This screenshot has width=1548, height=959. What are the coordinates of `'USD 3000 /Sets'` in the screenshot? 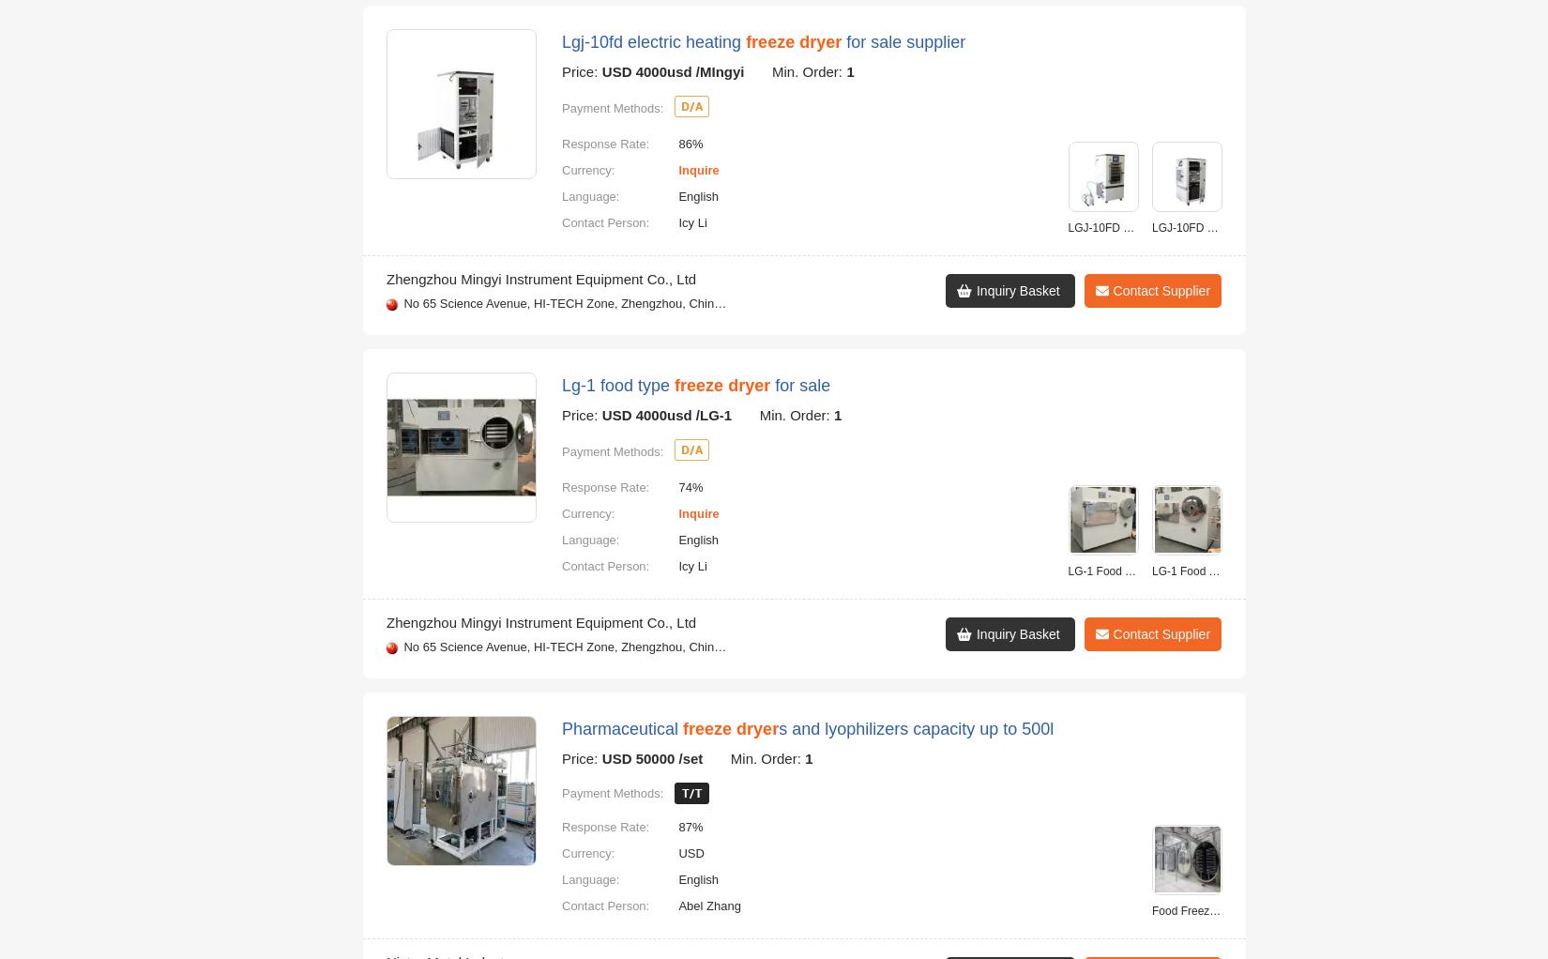 It's located at (600, 188).